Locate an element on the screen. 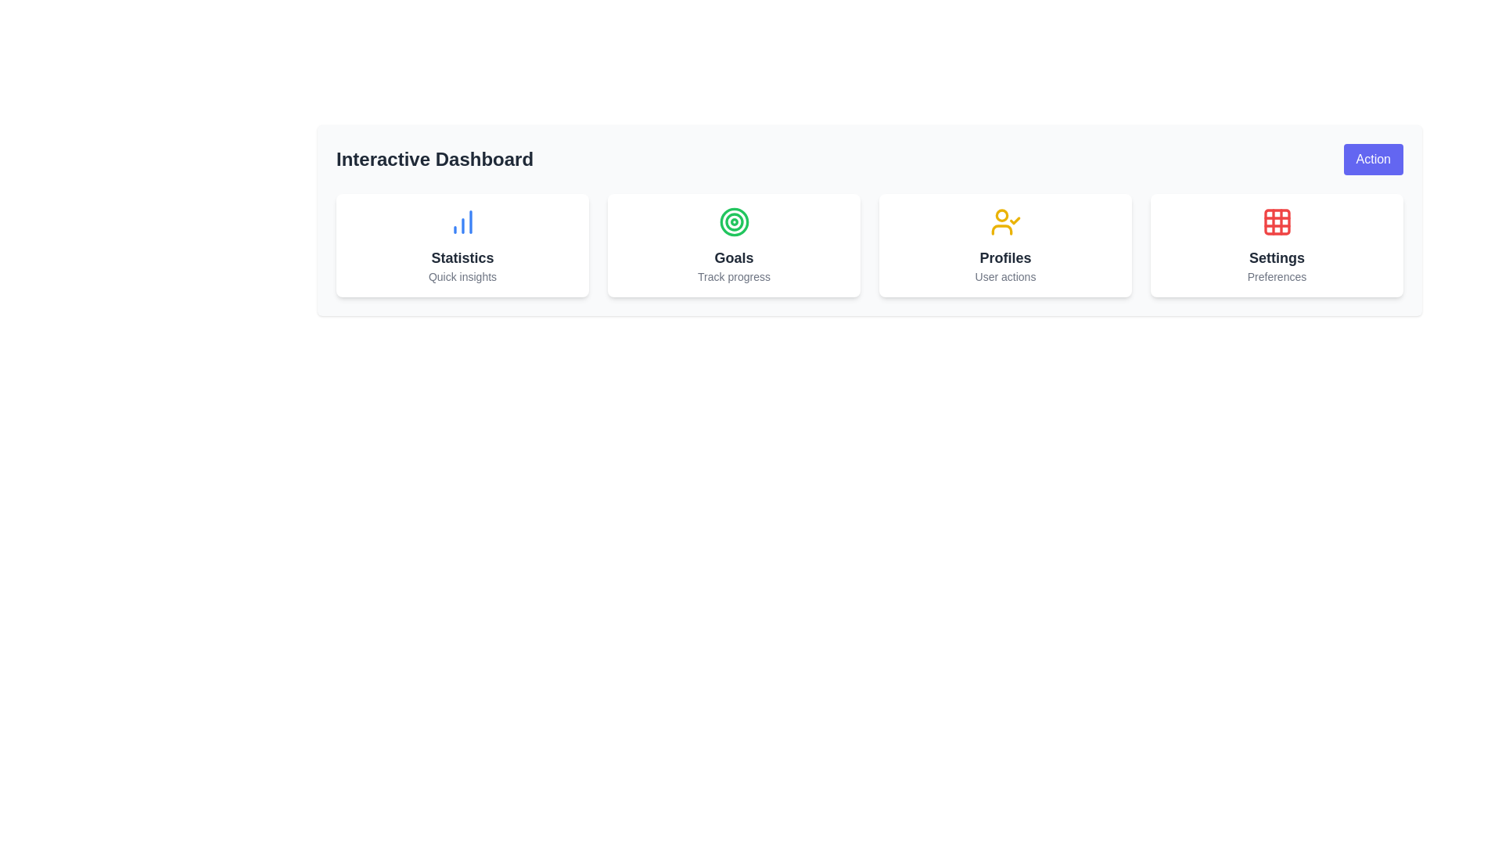 The width and height of the screenshot is (1502, 845). title text element located in the central card, which is the second text element in the vertical arrangement, situated below an icon and above a smaller descriptive text is located at coordinates (733, 257).